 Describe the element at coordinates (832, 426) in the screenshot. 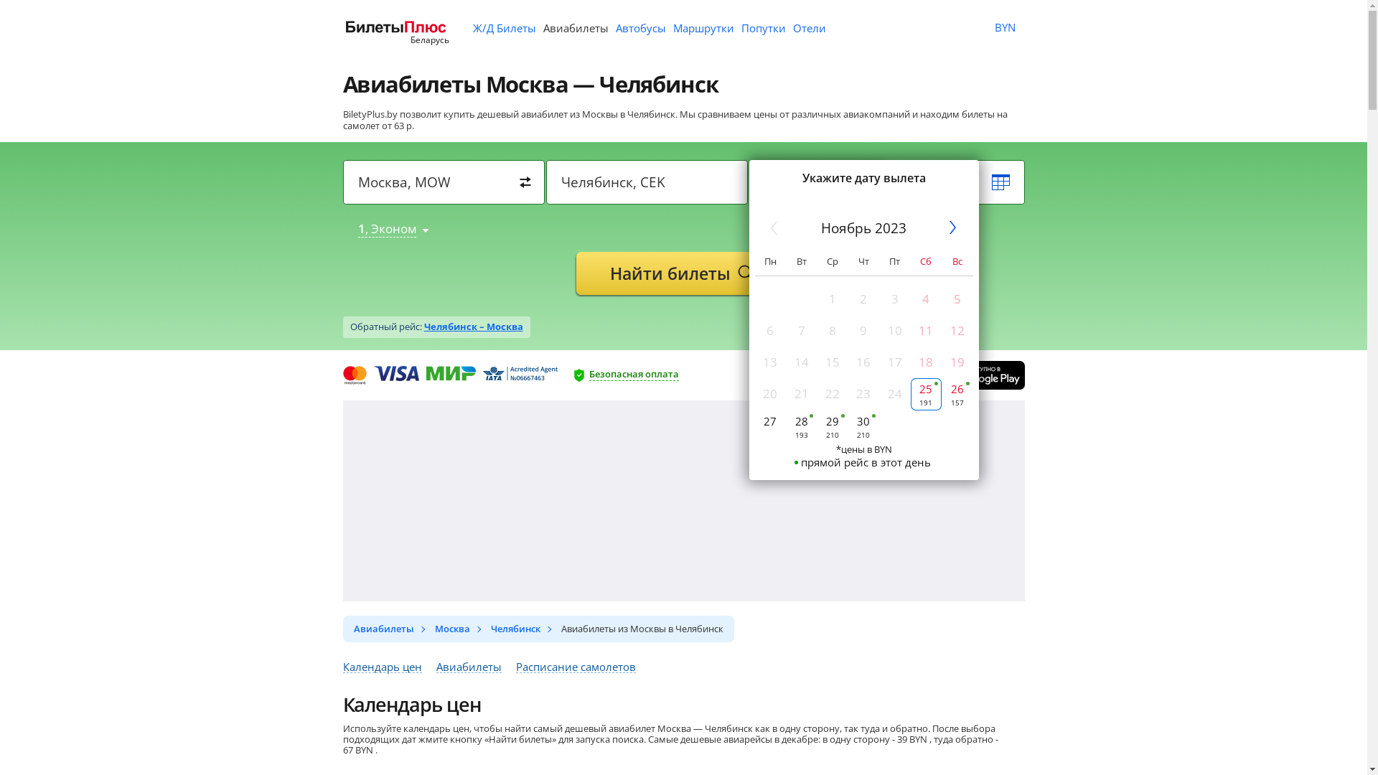

I see `'29'` at that location.